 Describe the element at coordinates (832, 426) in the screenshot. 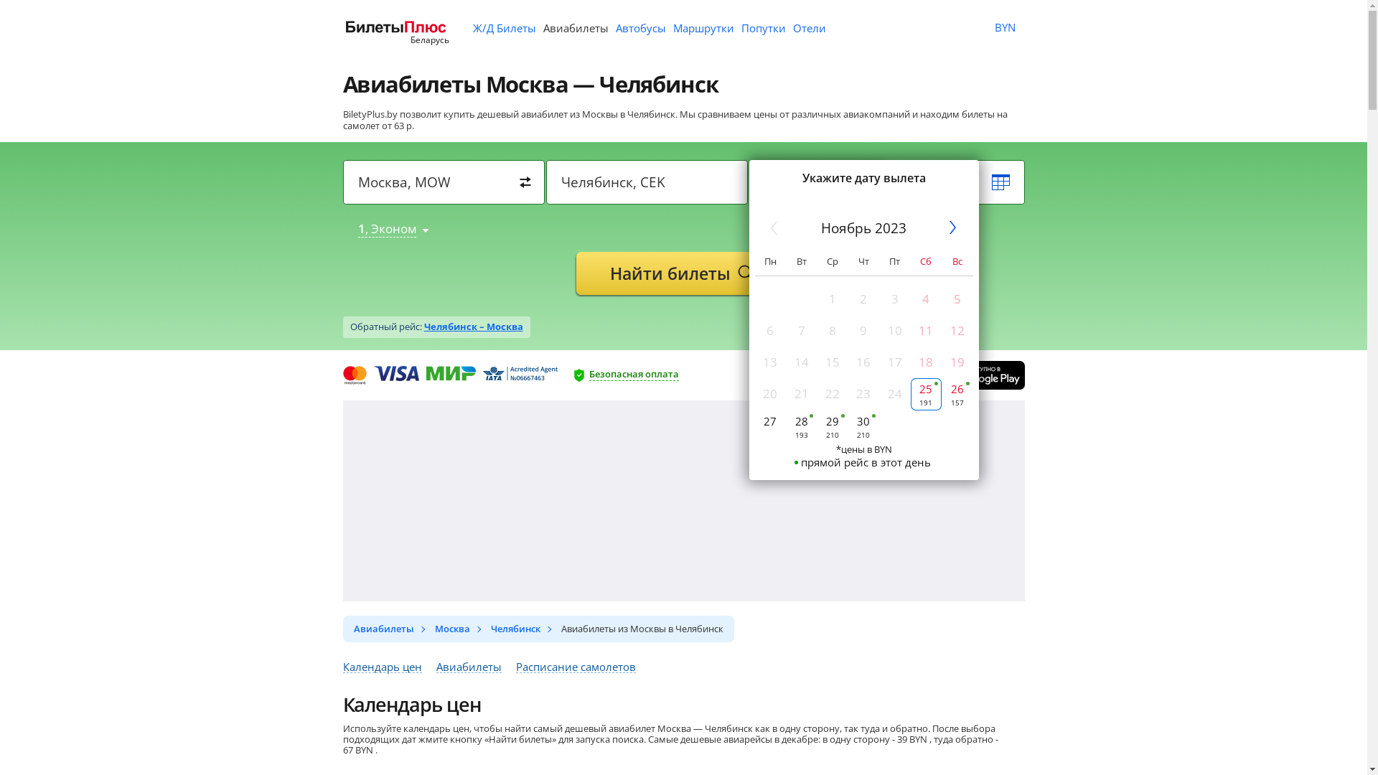

I see `'29'` at that location.